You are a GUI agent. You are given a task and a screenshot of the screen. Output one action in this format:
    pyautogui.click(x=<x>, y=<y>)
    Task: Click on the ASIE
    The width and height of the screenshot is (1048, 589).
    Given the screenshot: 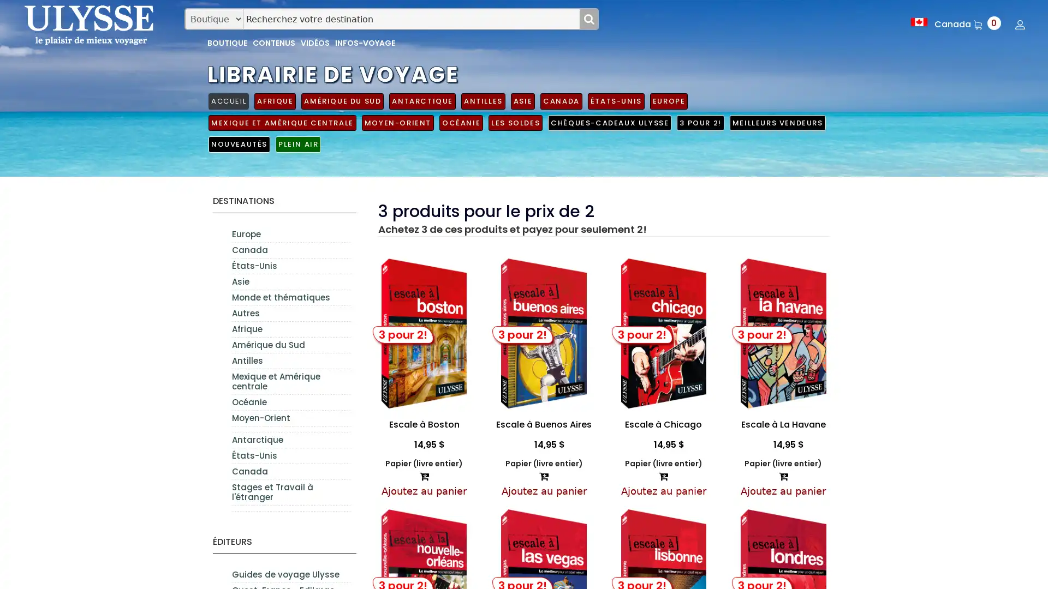 What is the action you would take?
    pyautogui.click(x=522, y=101)
    